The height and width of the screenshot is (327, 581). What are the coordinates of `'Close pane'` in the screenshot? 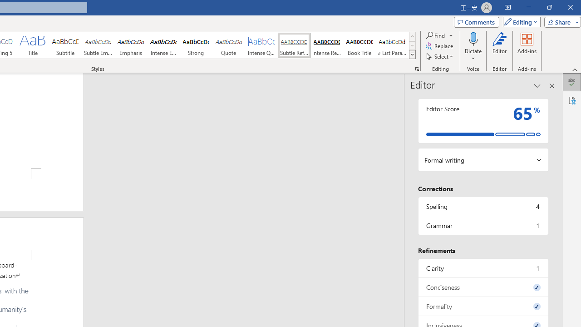 It's located at (551, 86).